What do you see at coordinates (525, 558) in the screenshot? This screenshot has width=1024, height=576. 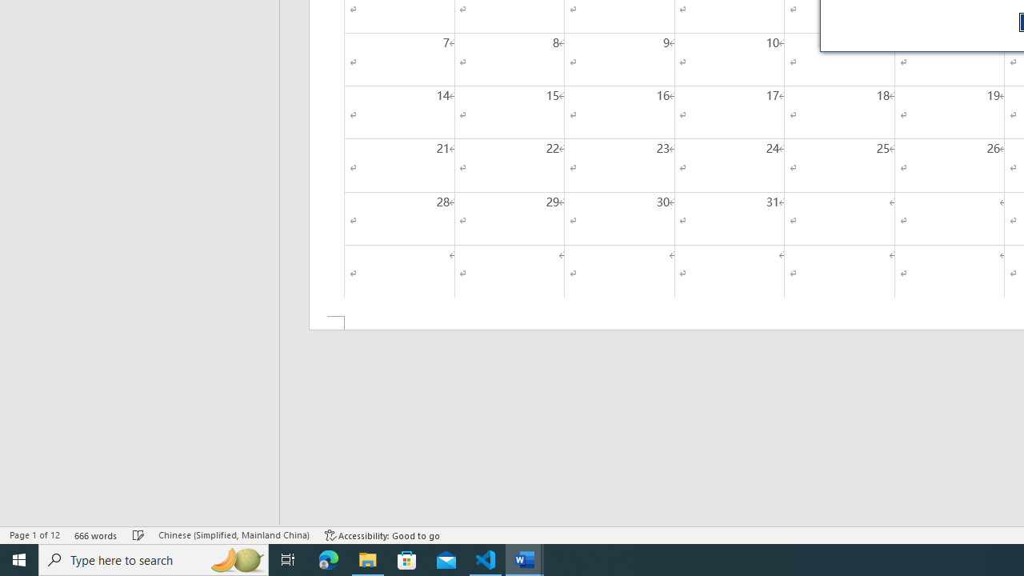 I see `'Word - 2 running windows'` at bounding box center [525, 558].